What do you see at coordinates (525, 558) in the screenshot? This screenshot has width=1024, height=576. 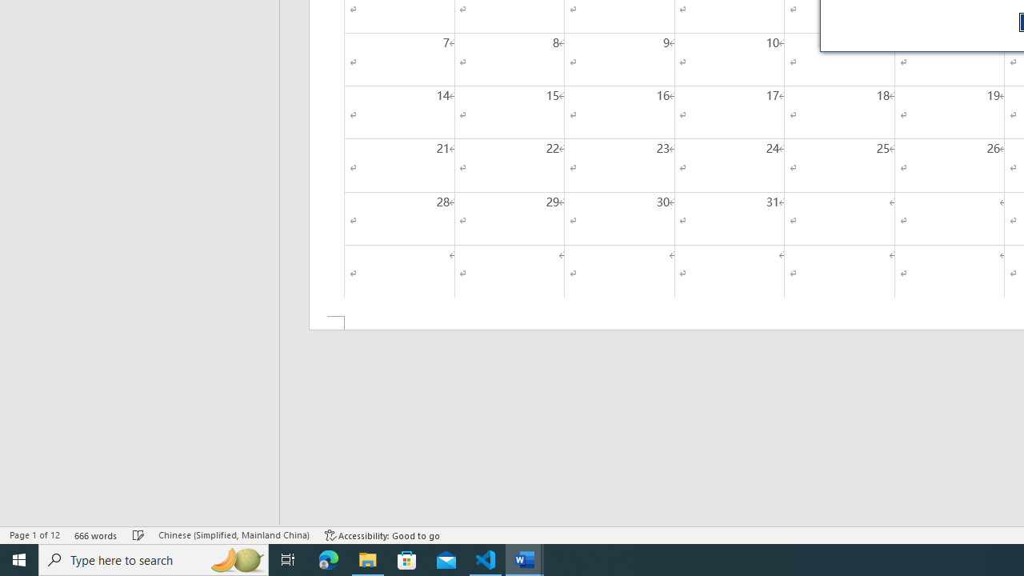 I see `'Word - 2 running windows'` at bounding box center [525, 558].